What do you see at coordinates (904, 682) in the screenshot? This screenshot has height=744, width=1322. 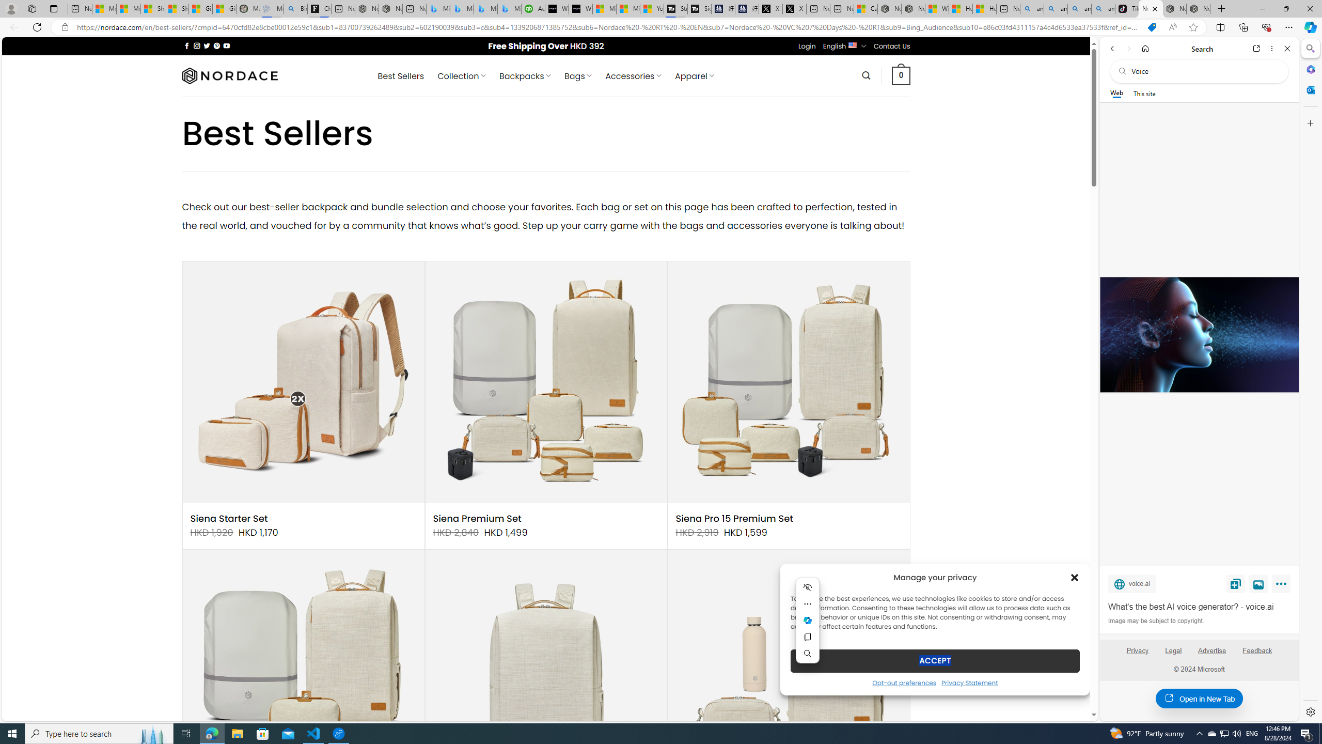 I see `'Opt-out preferences'` at bounding box center [904, 682].